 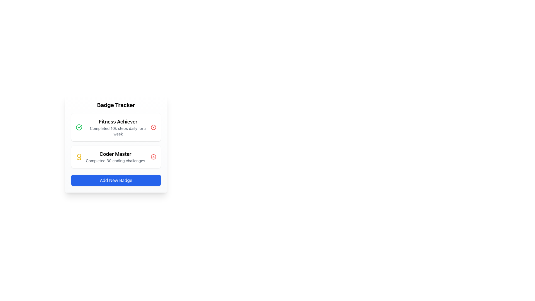 What do you see at coordinates (79, 156) in the screenshot?
I see `the visual representation of the circular graphical element located at the center of the award symbol icon` at bounding box center [79, 156].